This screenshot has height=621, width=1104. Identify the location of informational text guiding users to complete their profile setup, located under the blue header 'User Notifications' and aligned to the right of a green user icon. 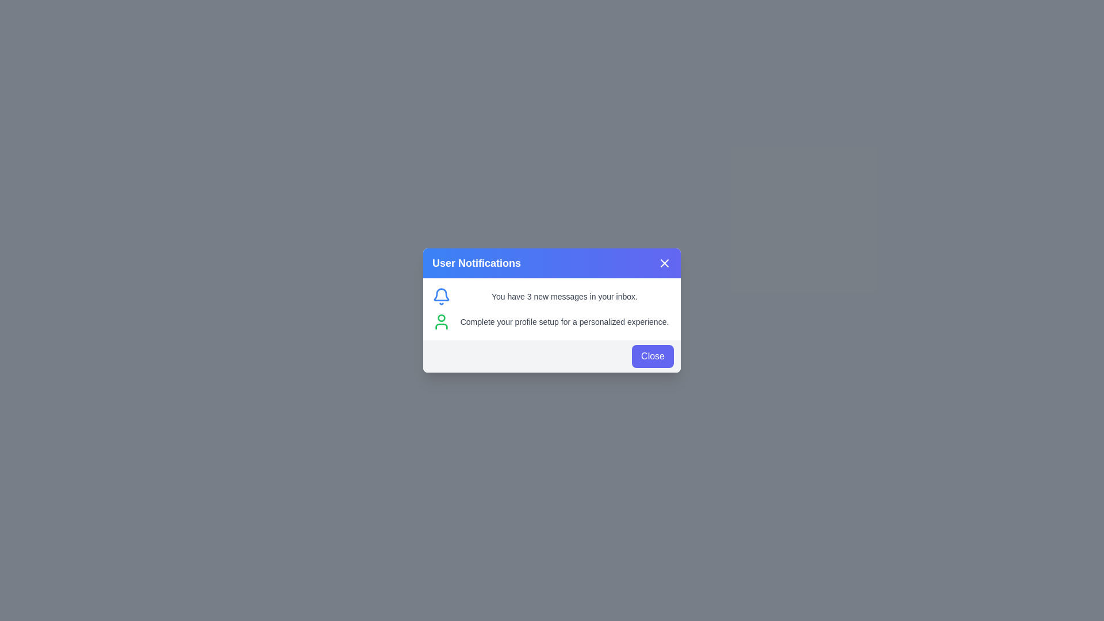
(565, 321).